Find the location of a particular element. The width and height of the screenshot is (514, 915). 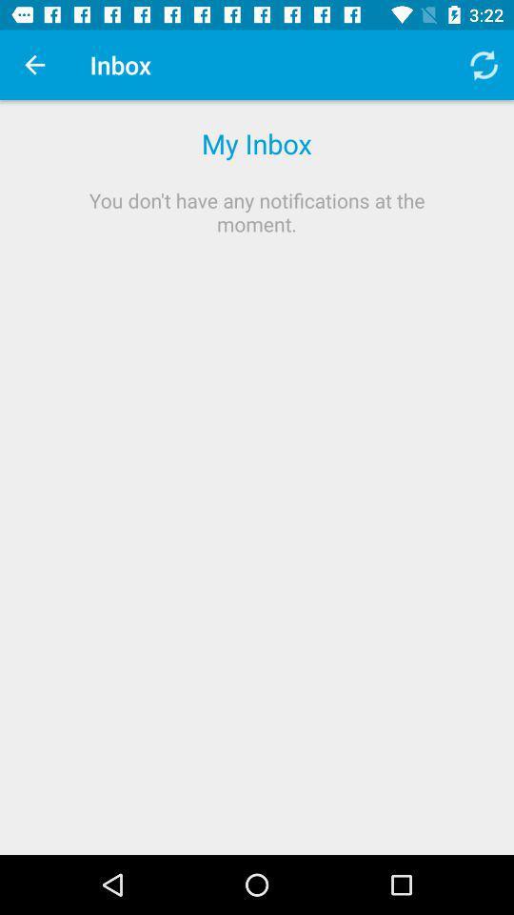

item at the top right corner is located at coordinates (484, 65).